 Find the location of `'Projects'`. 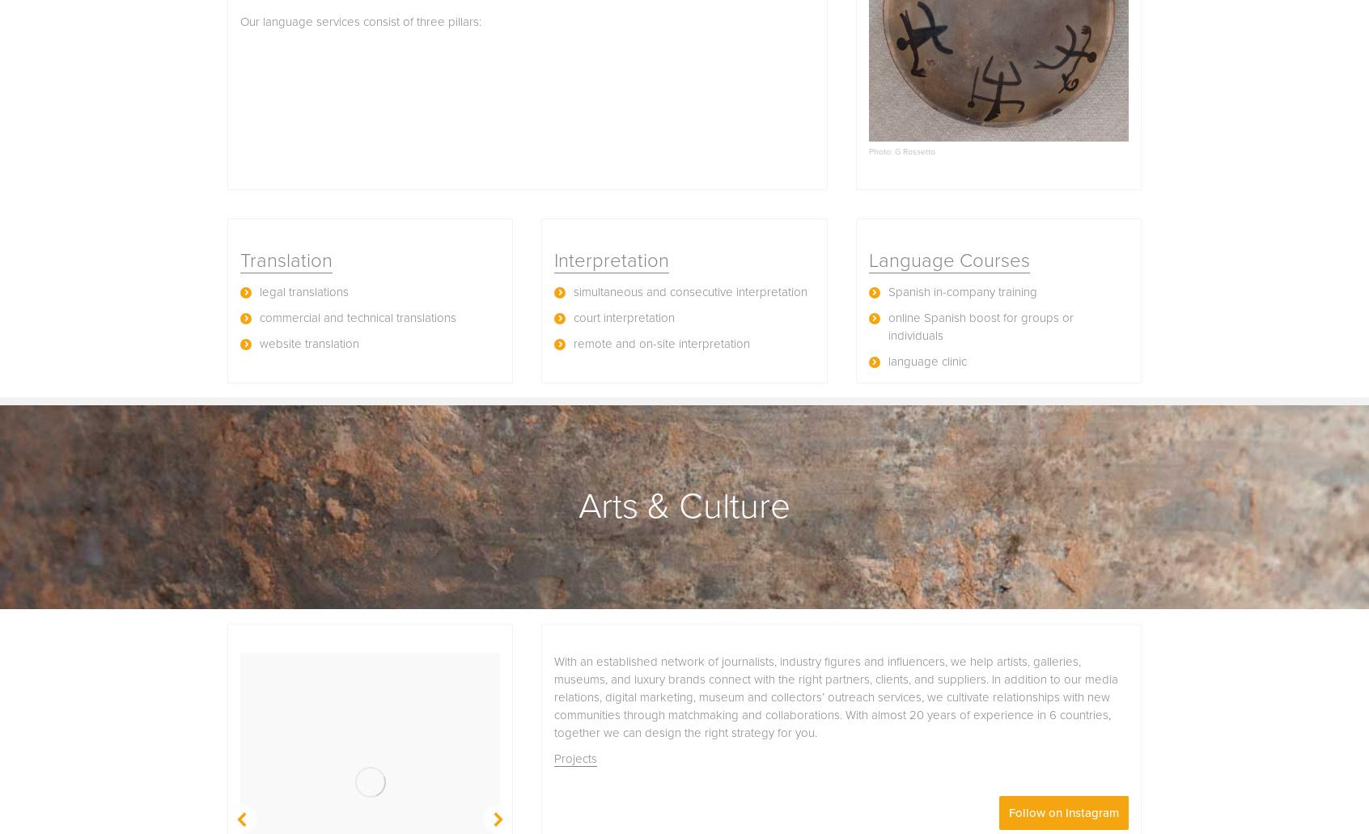

'Projects' is located at coordinates (553, 756).